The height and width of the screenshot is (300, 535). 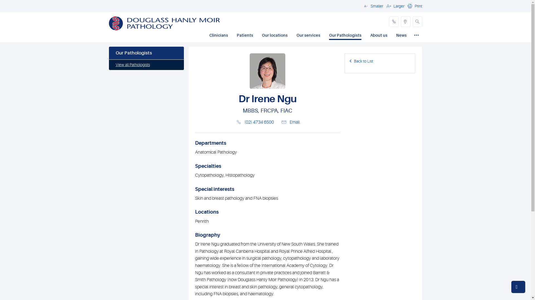 I want to click on 'Email', so click(x=290, y=122).